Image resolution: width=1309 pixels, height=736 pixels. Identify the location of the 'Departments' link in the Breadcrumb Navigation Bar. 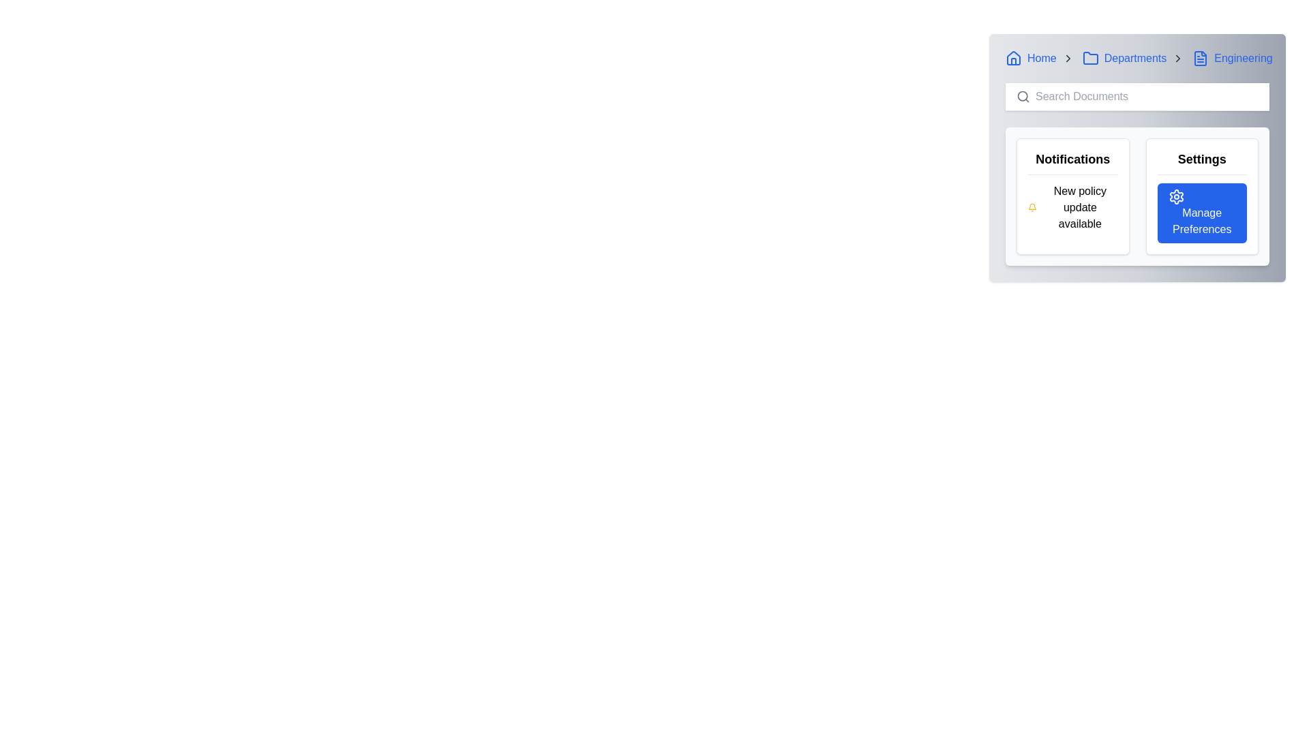
(1137, 57).